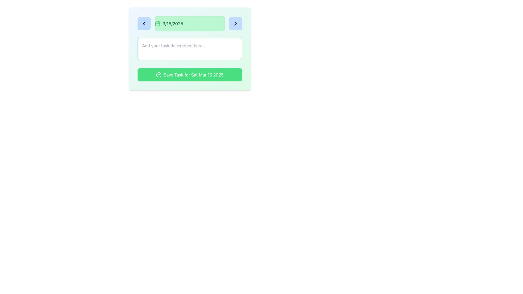 The image size is (523, 294). I want to click on the save task icon located at the far-left side of the green rectangular button labeled 'Save Task for Sat Mar 15 2025', so click(159, 75).